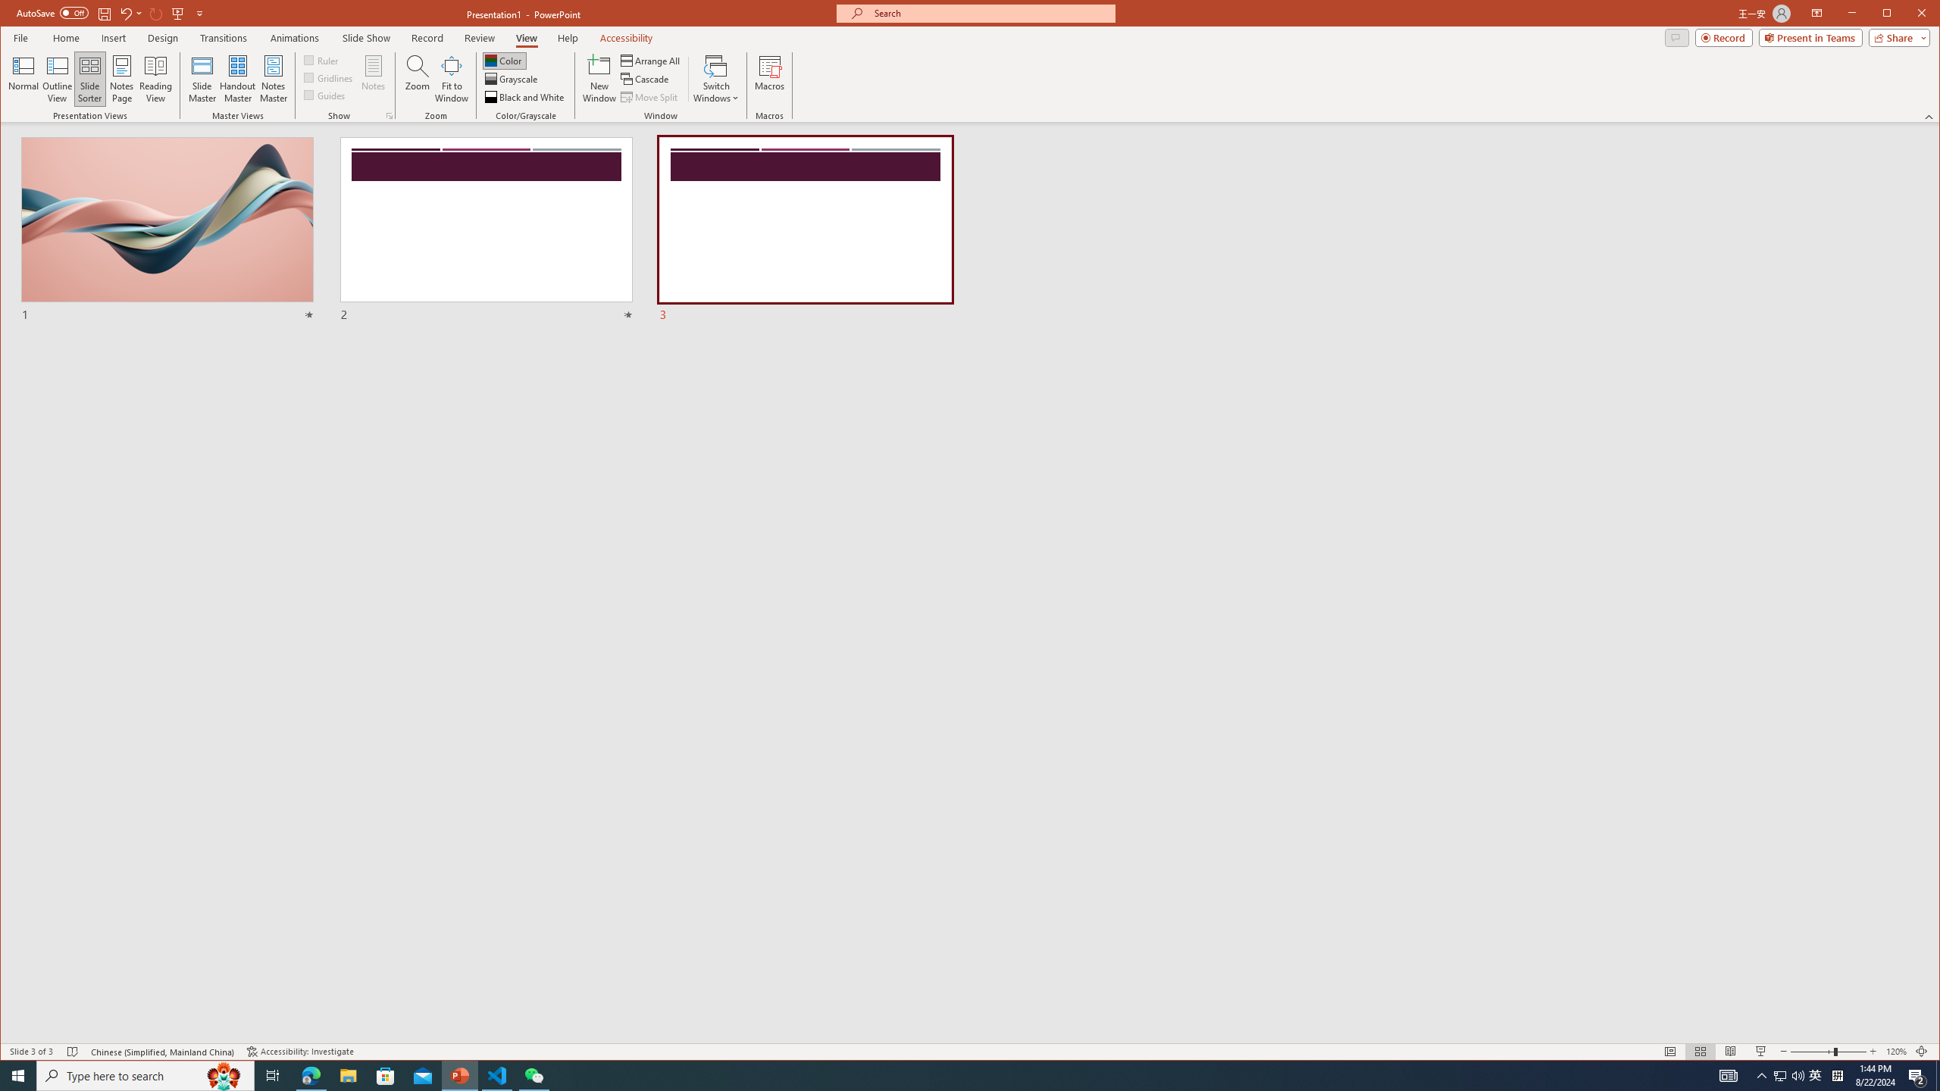 Image resolution: width=1940 pixels, height=1091 pixels. Describe the element at coordinates (512, 79) in the screenshot. I see `'Grayscale'` at that location.